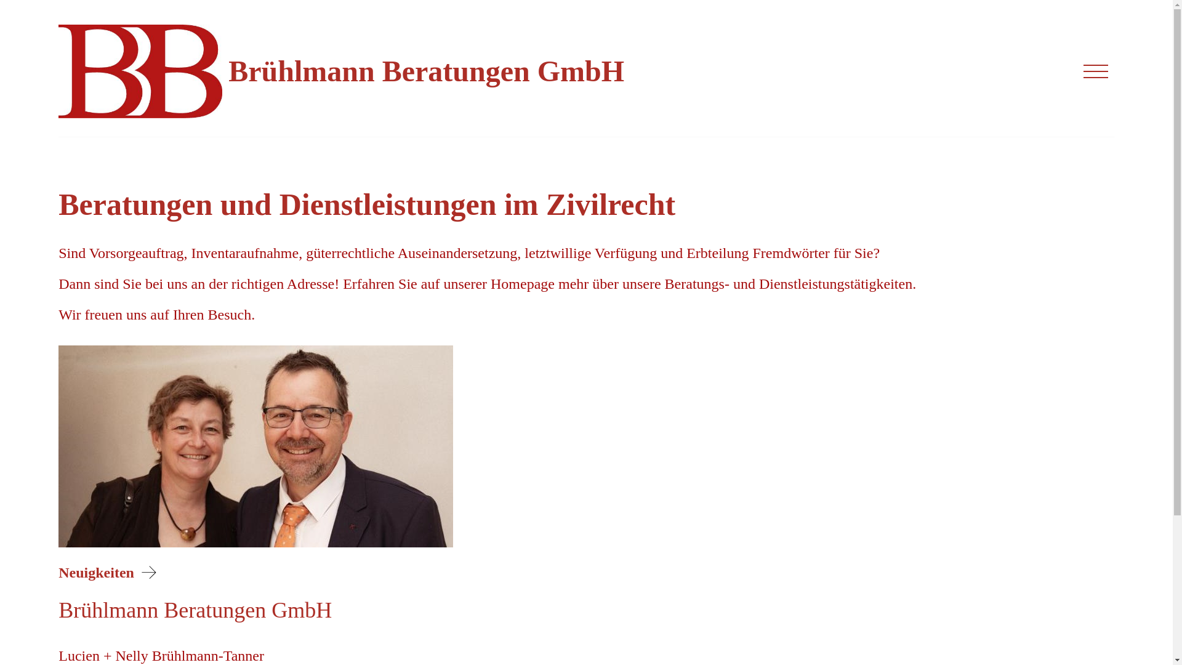 The width and height of the screenshot is (1182, 665). What do you see at coordinates (110, 572) in the screenshot?
I see `'Neuigkeiten'` at bounding box center [110, 572].